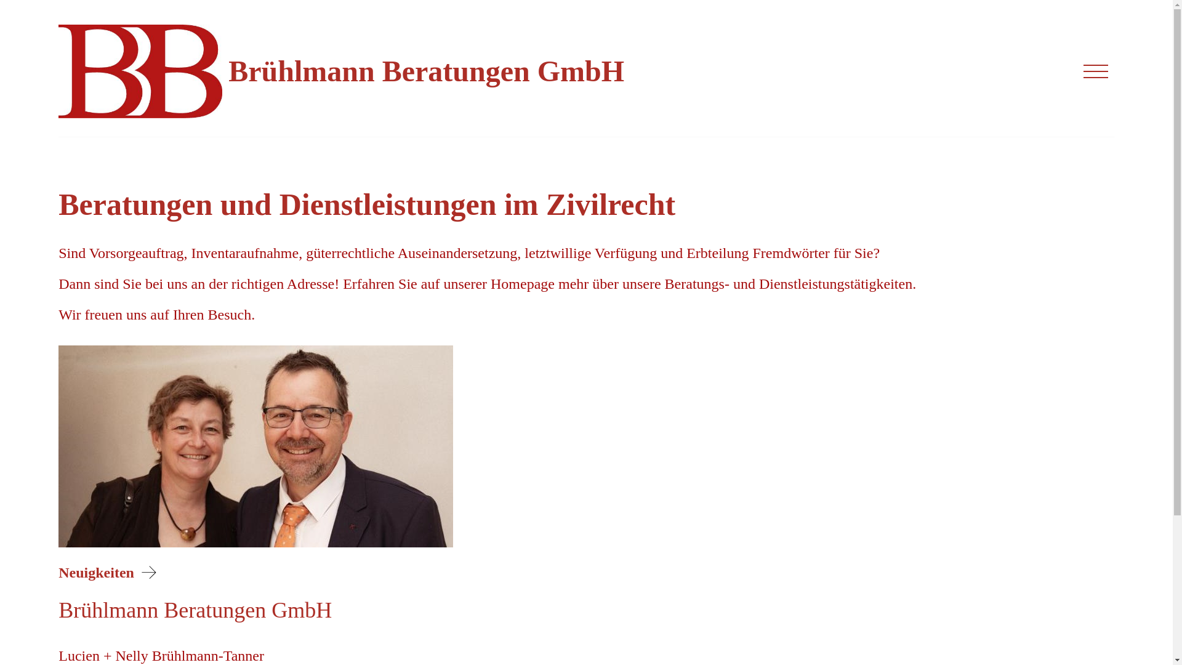 The width and height of the screenshot is (1182, 665). What do you see at coordinates (110, 572) in the screenshot?
I see `'Neuigkeiten'` at bounding box center [110, 572].